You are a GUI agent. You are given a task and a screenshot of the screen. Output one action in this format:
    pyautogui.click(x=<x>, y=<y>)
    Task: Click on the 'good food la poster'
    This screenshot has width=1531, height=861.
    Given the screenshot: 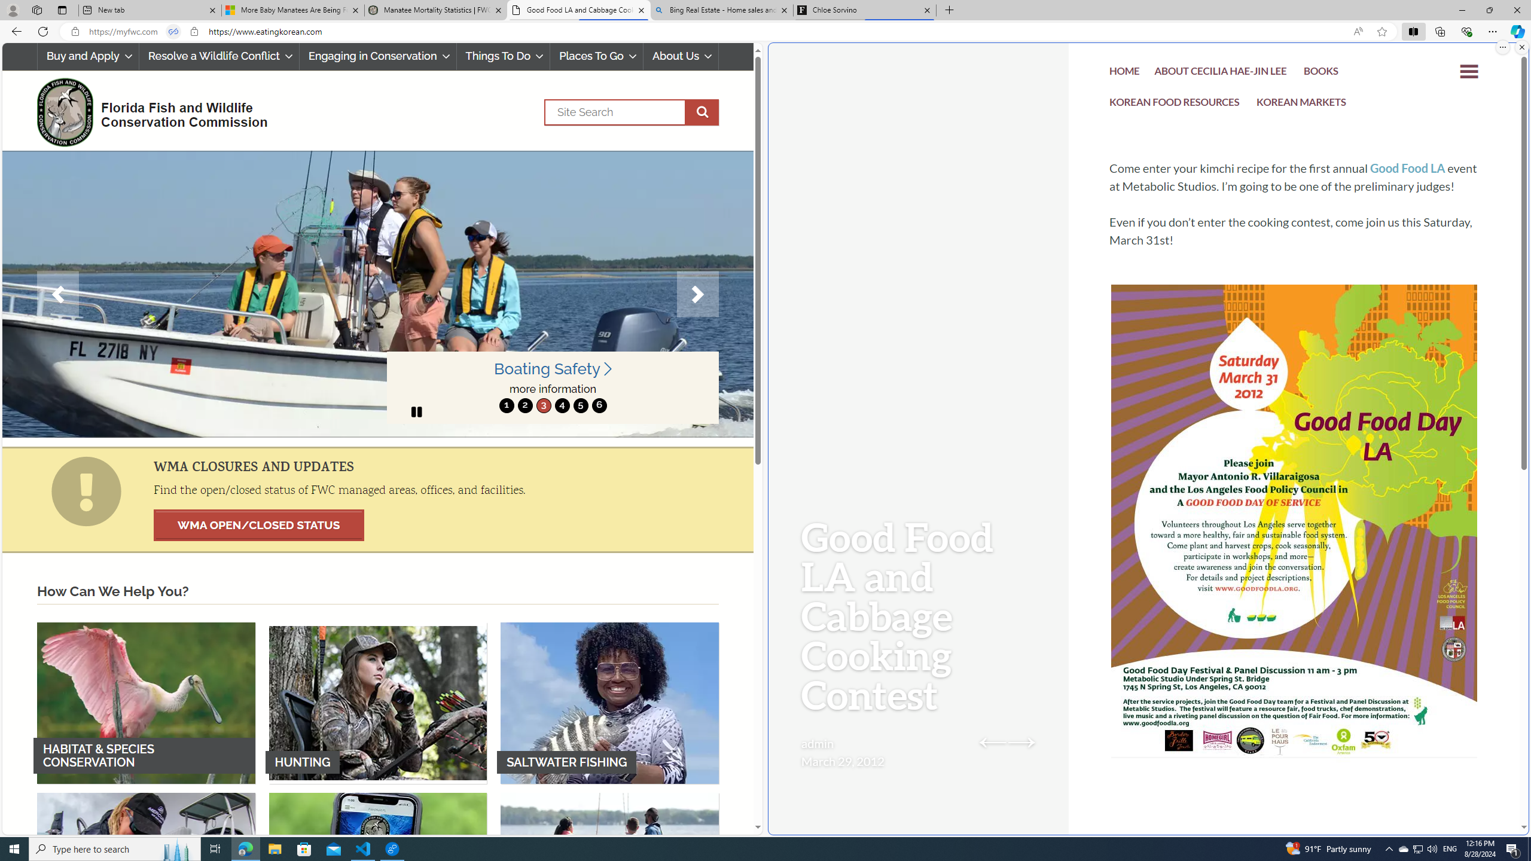 What is the action you would take?
    pyautogui.click(x=1294, y=557)
    